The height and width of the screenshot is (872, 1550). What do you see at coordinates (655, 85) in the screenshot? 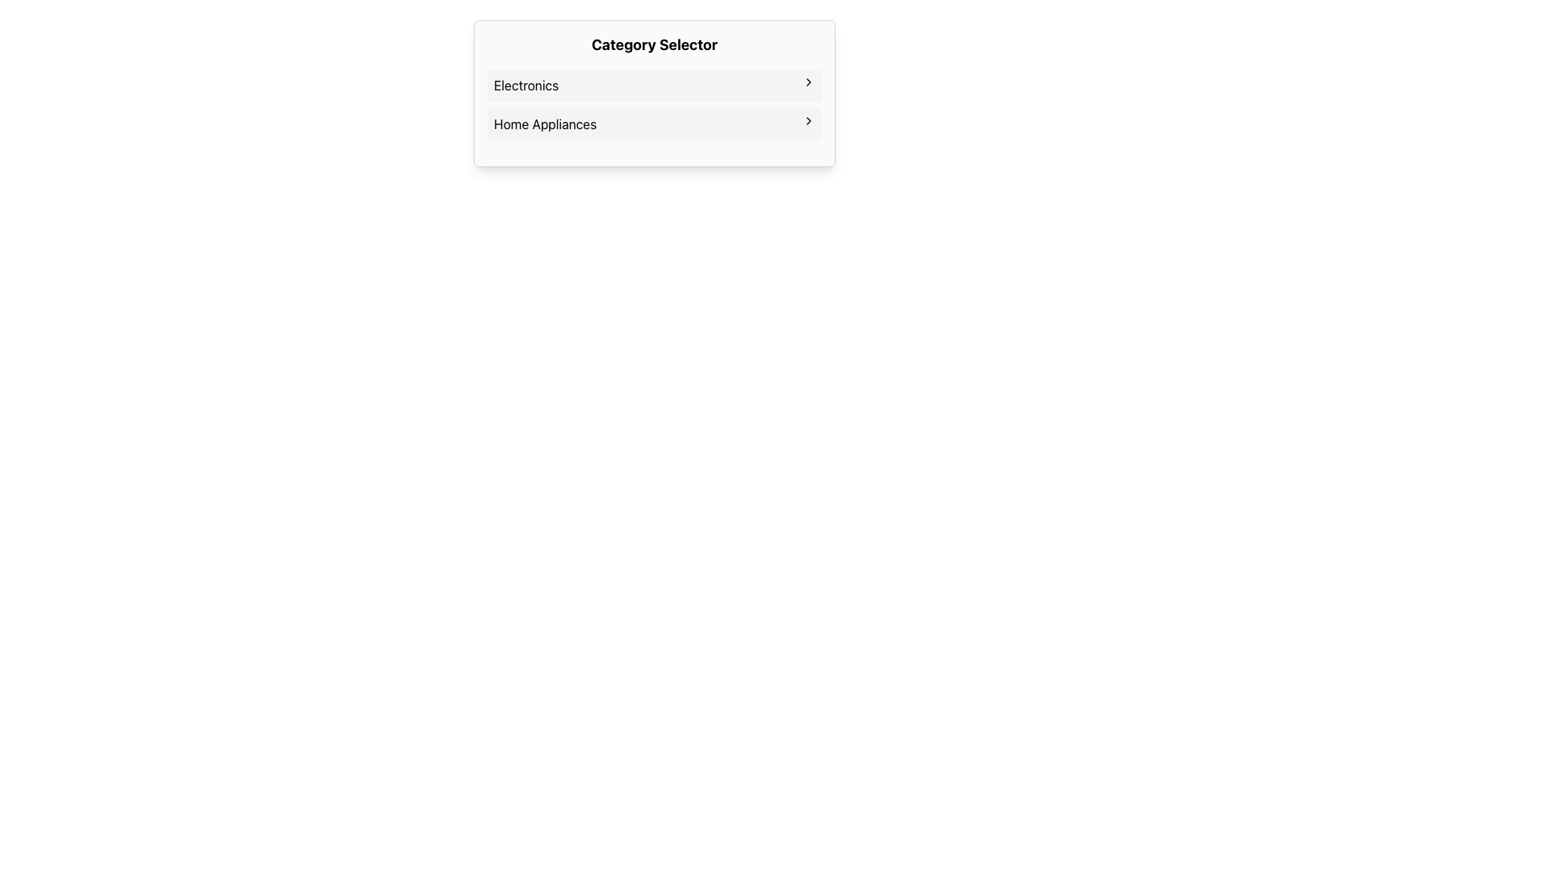
I see `the 'Electronics' menu item in the 'Category Selector'` at bounding box center [655, 85].